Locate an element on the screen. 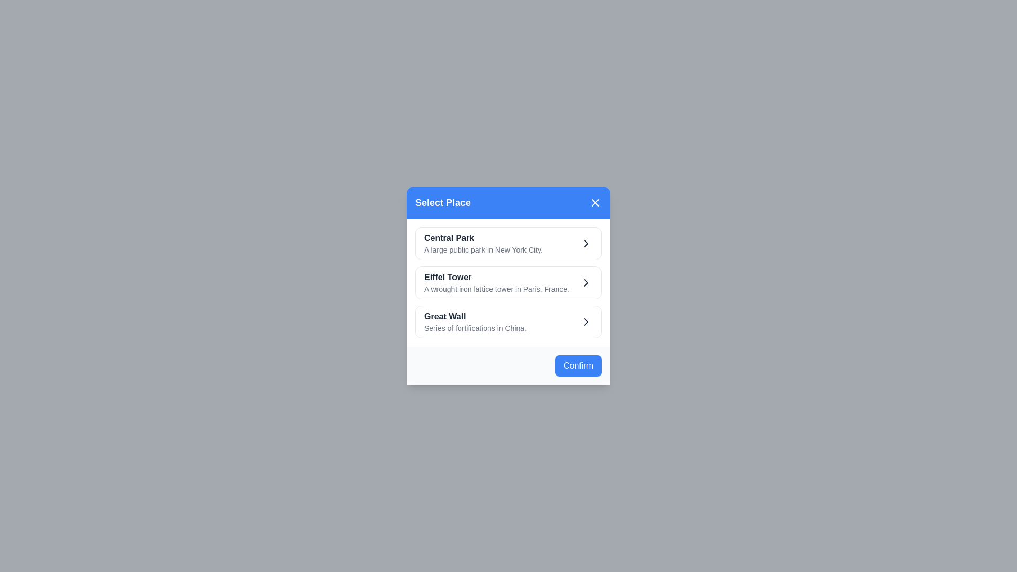 The height and width of the screenshot is (572, 1017). the place Central Park from the list is located at coordinates (508, 243).